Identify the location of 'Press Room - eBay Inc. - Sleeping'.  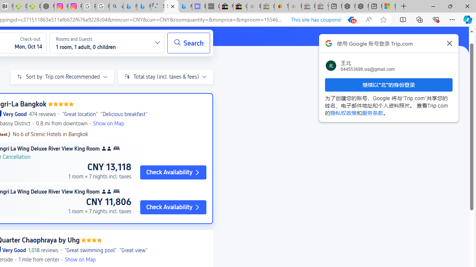
(308, 6).